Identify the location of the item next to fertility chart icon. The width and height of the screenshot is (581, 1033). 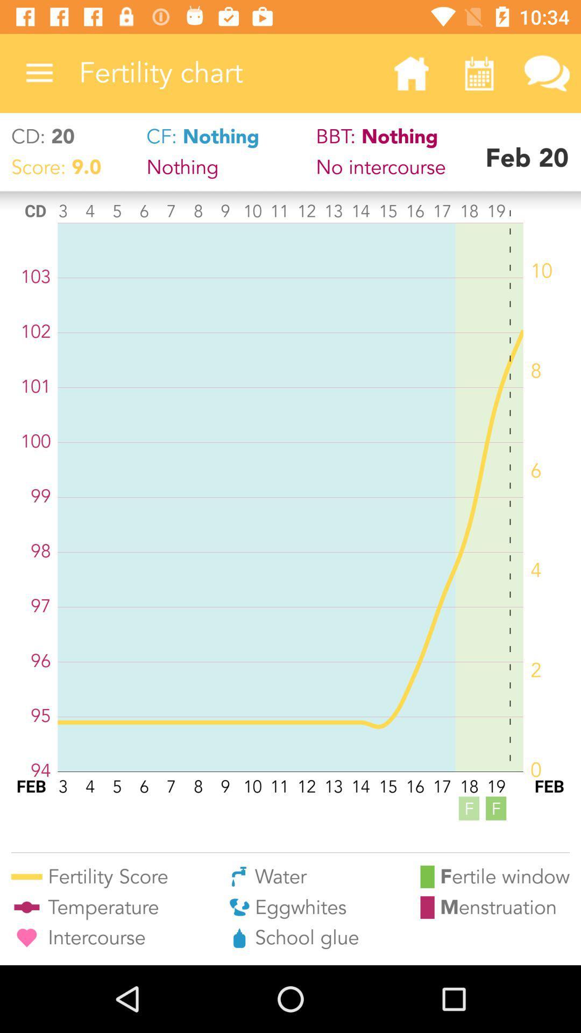
(39, 73).